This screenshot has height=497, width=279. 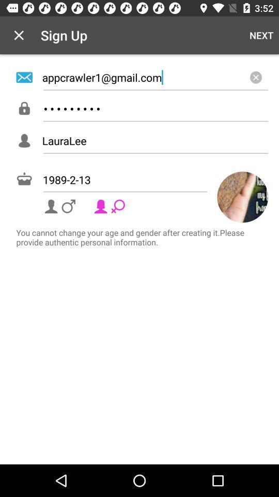 I want to click on crowd3116 icon, so click(x=154, y=109).